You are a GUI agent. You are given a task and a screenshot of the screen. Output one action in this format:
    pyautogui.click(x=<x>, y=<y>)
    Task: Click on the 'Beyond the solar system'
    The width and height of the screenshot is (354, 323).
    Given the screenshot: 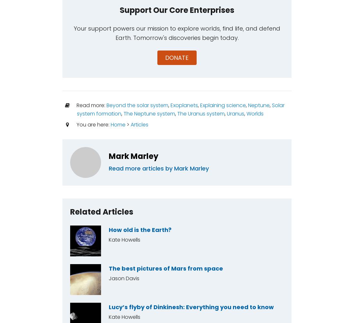 What is the action you would take?
    pyautogui.click(x=137, y=105)
    